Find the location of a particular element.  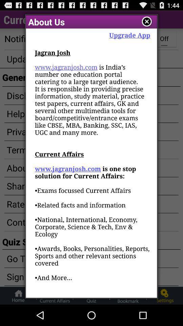

app next to the about us icon is located at coordinates (146, 22).